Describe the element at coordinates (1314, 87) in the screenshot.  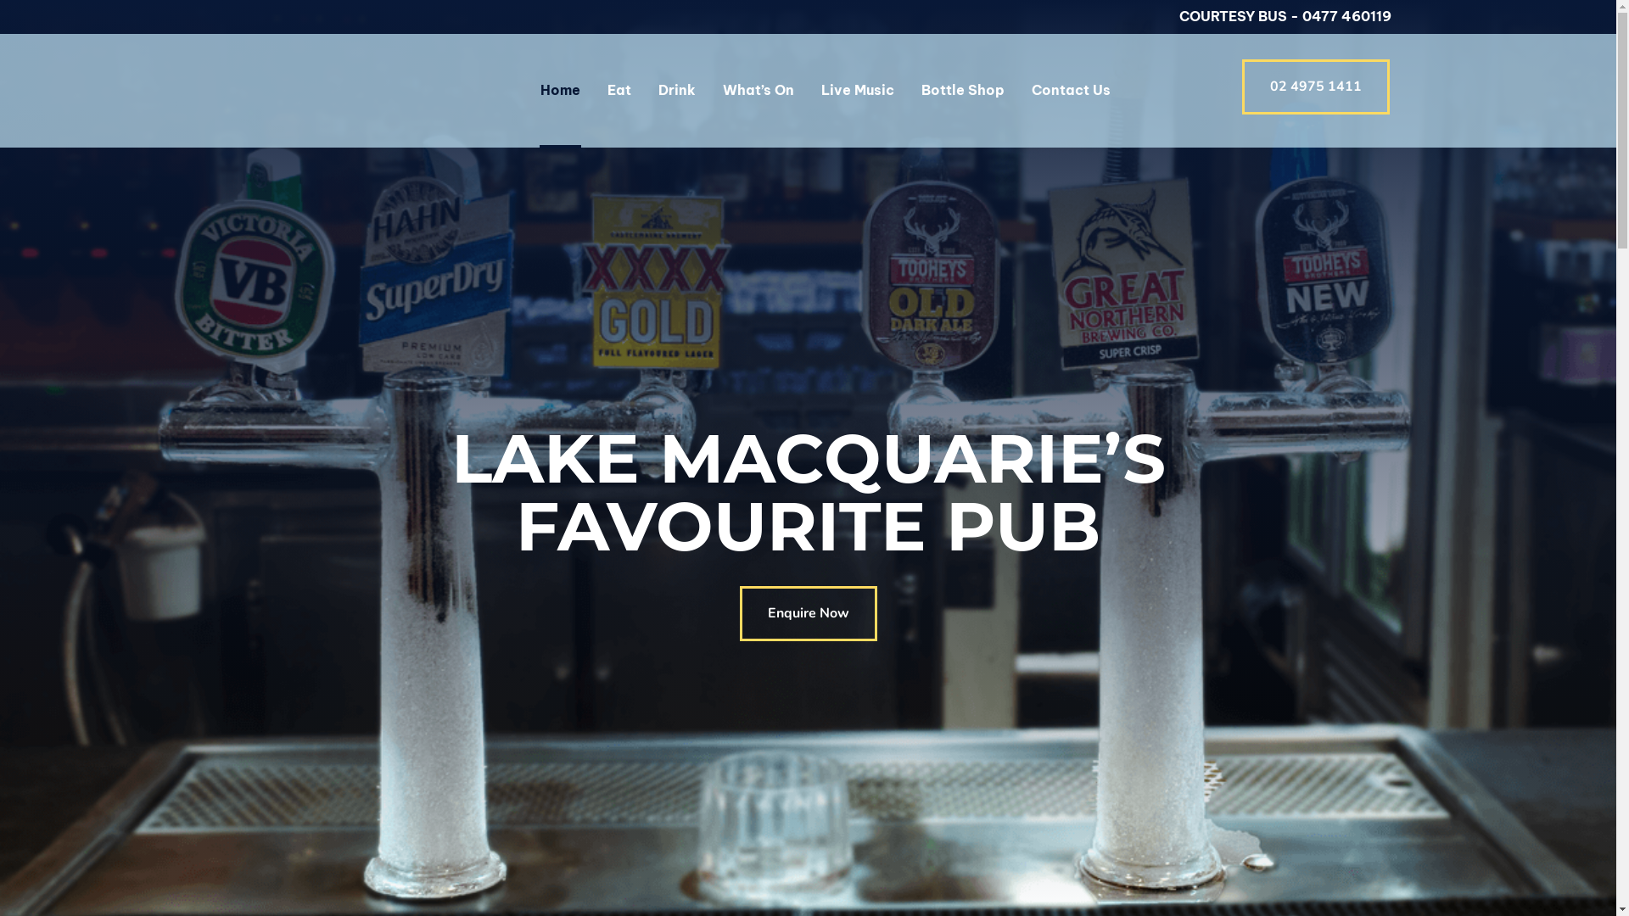
I see `'02 4975 1411'` at that location.